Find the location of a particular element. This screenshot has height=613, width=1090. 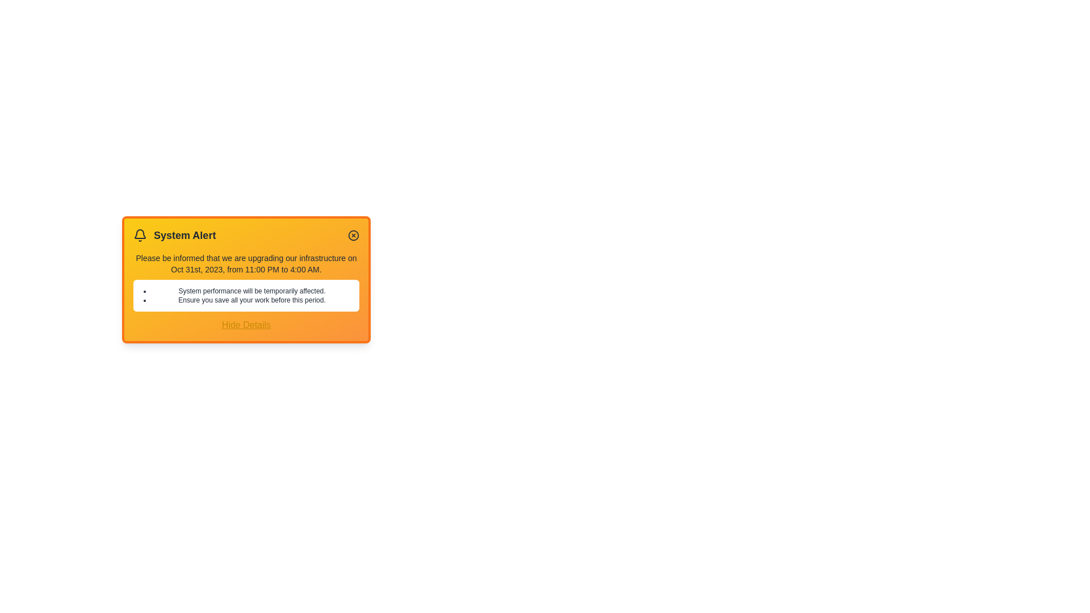

the 'Hide Details' button to toggle the details section is located at coordinates (245, 325).